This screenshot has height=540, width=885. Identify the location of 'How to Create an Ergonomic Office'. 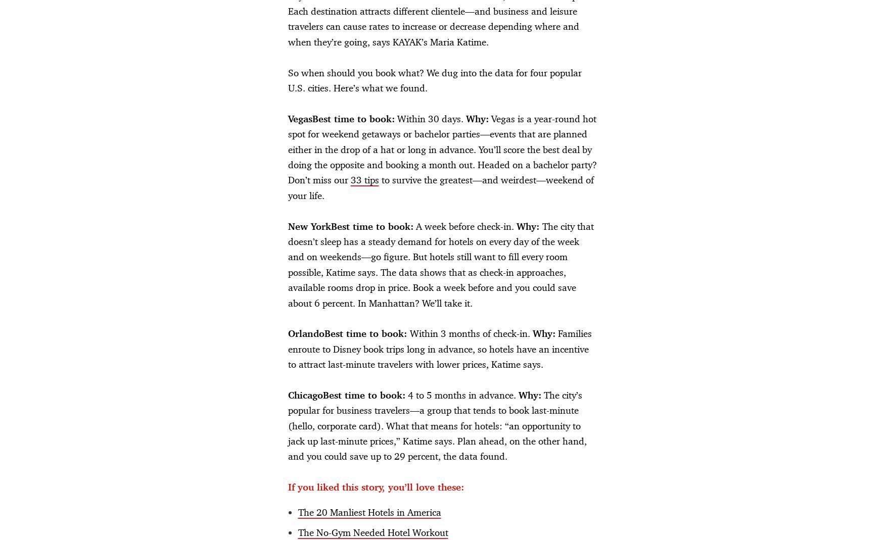
(139, 112).